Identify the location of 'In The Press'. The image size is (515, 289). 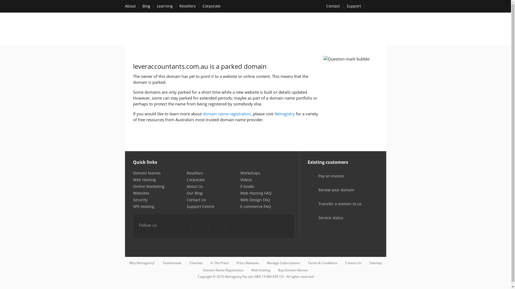
(220, 263).